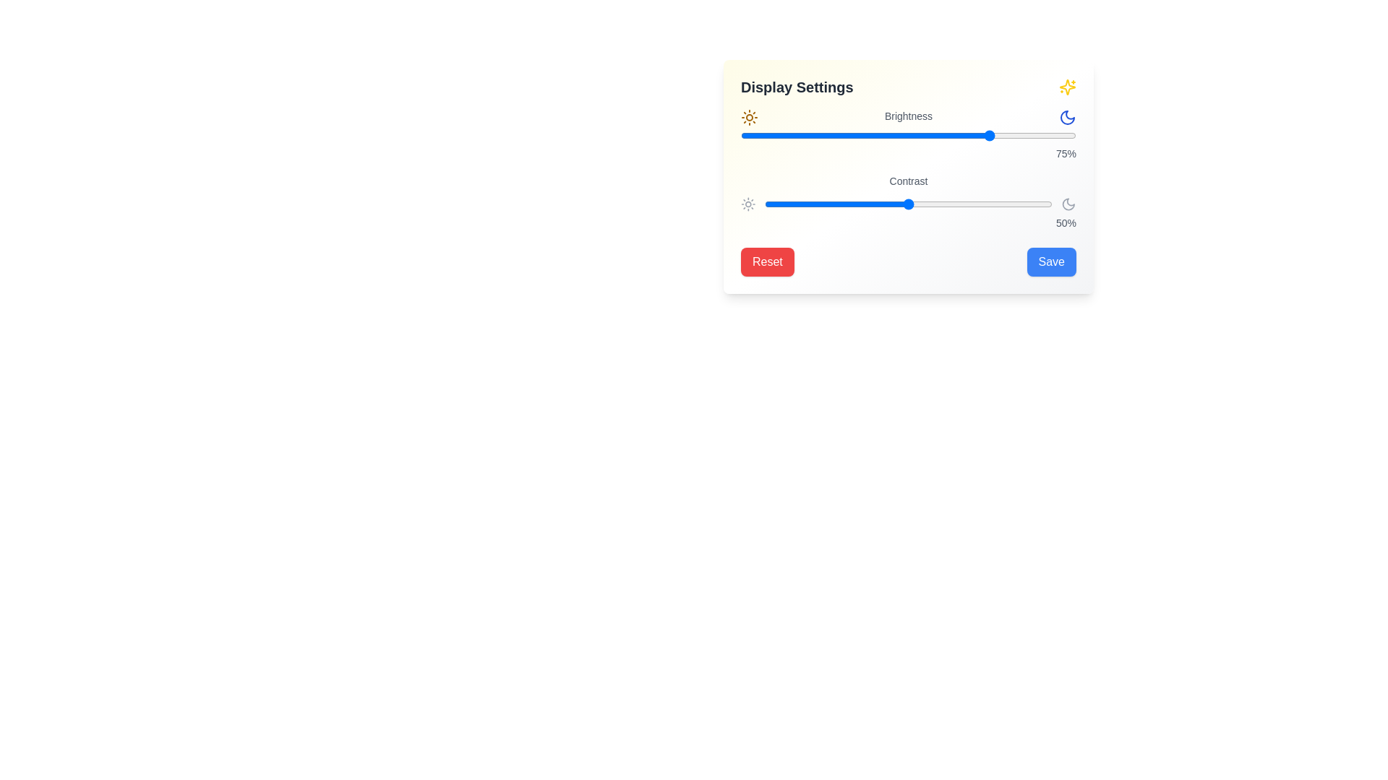 The height and width of the screenshot is (780, 1388). I want to click on the contrast level, so click(922, 204).